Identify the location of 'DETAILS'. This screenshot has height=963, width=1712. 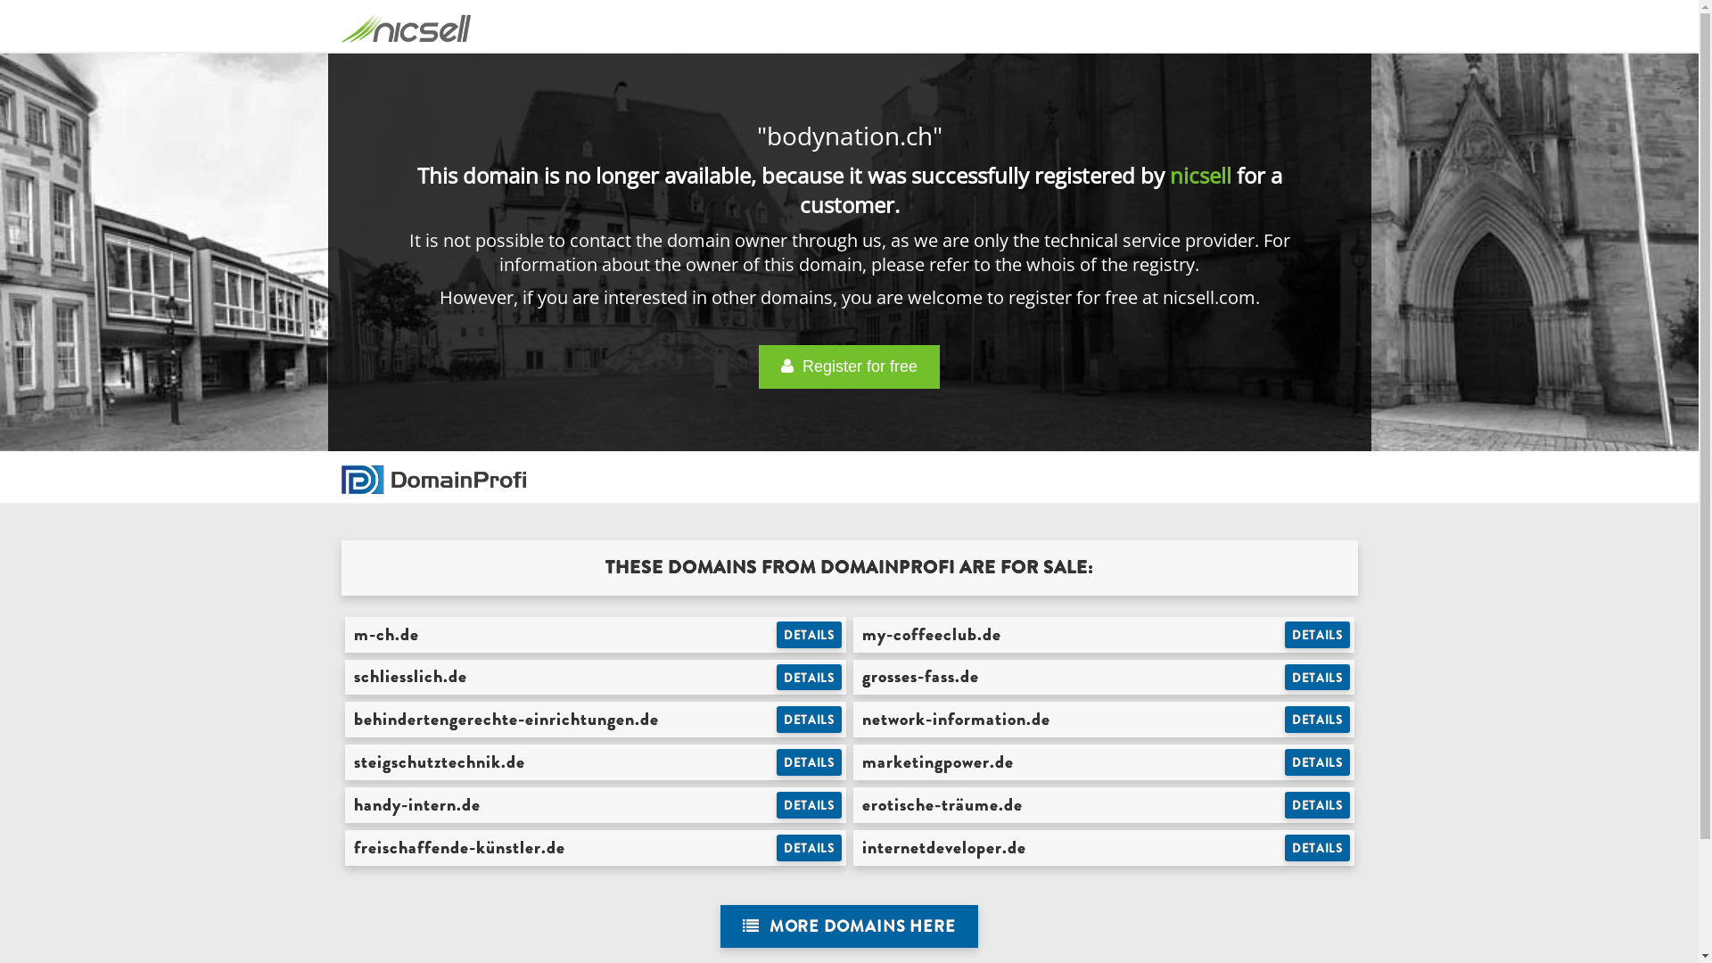
(1317, 677).